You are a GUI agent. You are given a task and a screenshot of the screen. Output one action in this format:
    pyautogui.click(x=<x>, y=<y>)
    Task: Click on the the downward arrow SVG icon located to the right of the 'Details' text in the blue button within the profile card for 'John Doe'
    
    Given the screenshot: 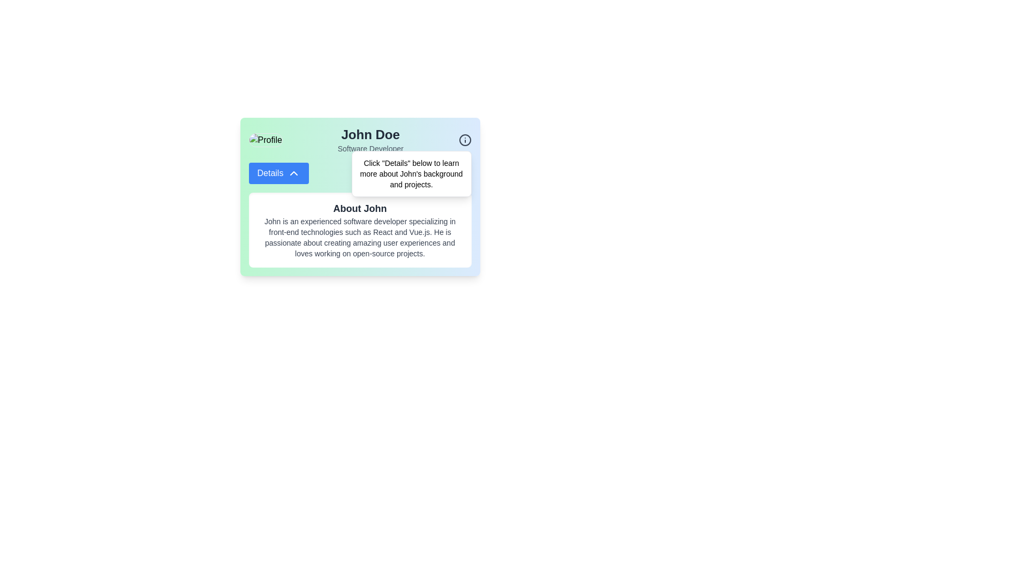 What is the action you would take?
    pyautogui.click(x=294, y=173)
    